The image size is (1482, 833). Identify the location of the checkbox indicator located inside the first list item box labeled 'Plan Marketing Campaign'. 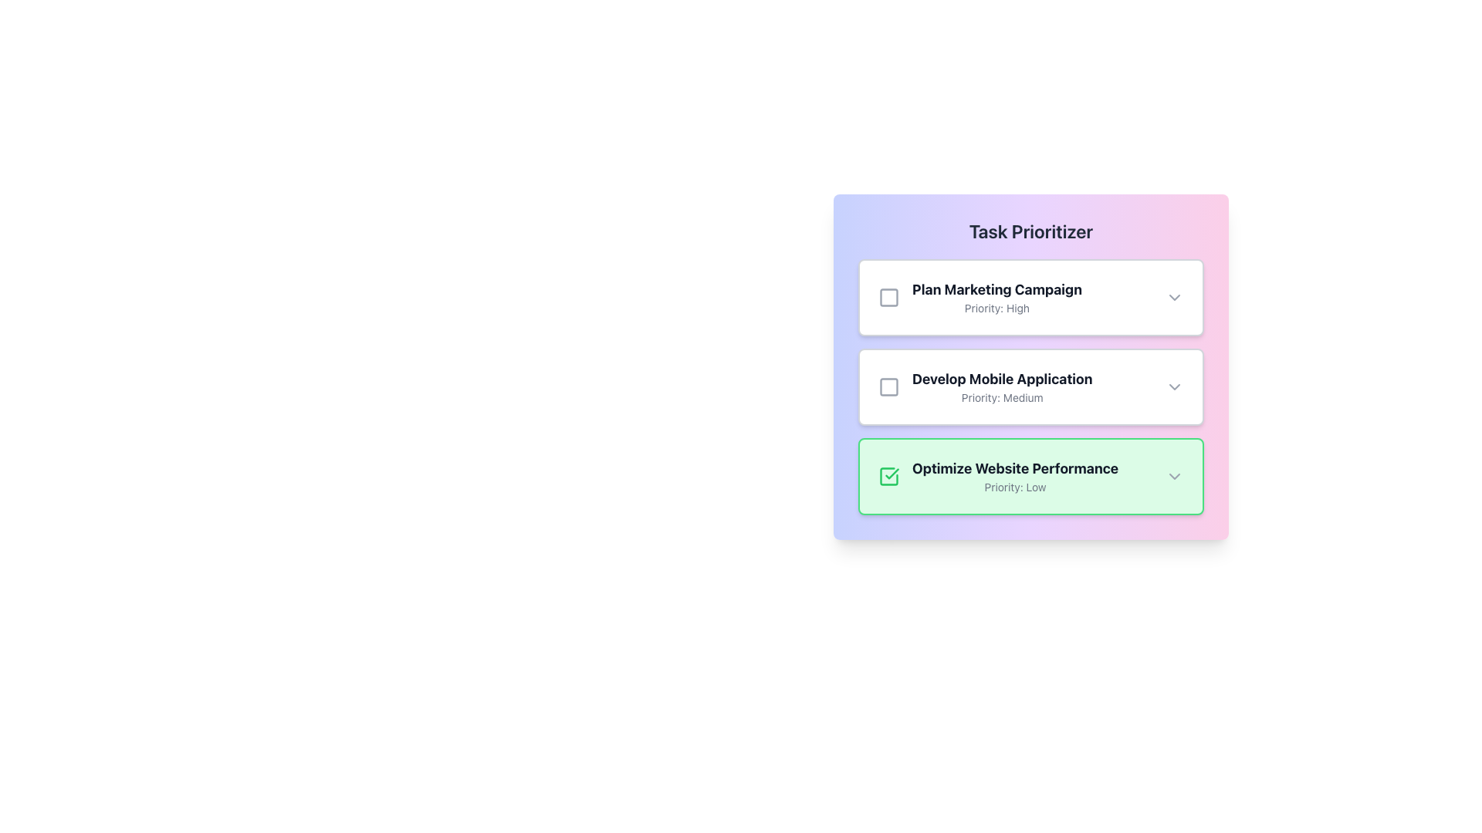
(889, 297).